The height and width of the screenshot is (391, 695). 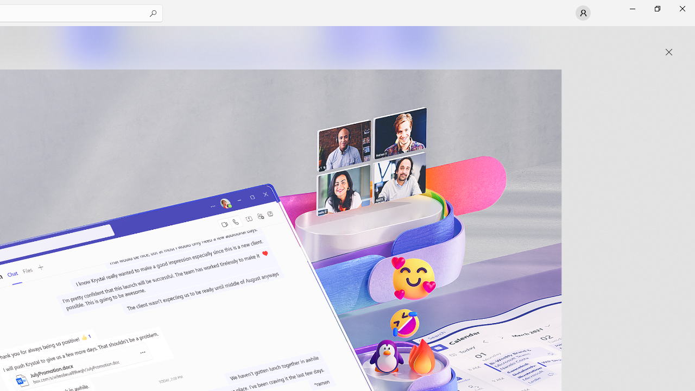 What do you see at coordinates (681, 8) in the screenshot?
I see `'Close Microsoft Store'` at bounding box center [681, 8].